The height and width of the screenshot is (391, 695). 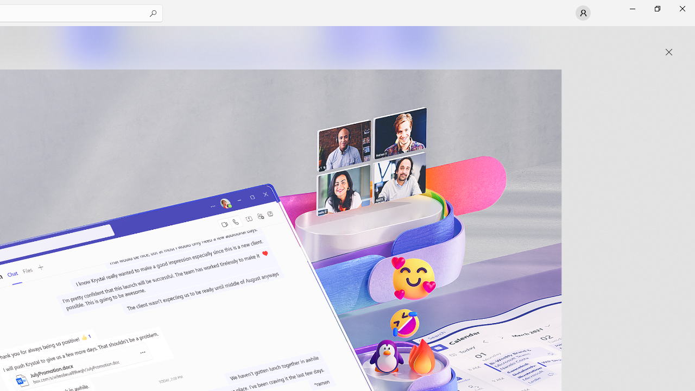 What do you see at coordinates (681, 8) in the screenshot?
I see `'Close Microsoft Store'` at bounding box center [681, 8].